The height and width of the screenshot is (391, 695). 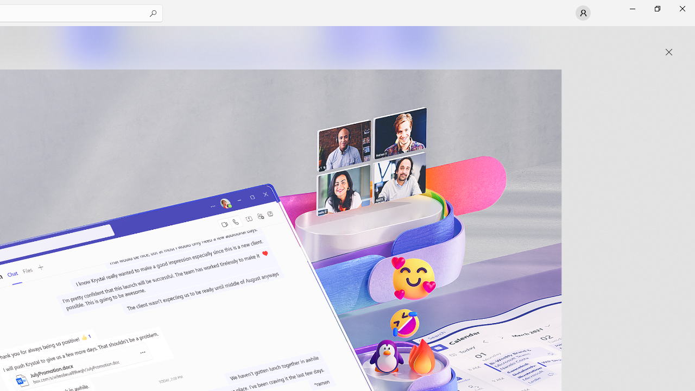 What do you see at coordinates (681, 8) in the screenshot?
I see `'Close Microsoft Store'` at bounding box center [681, 8].